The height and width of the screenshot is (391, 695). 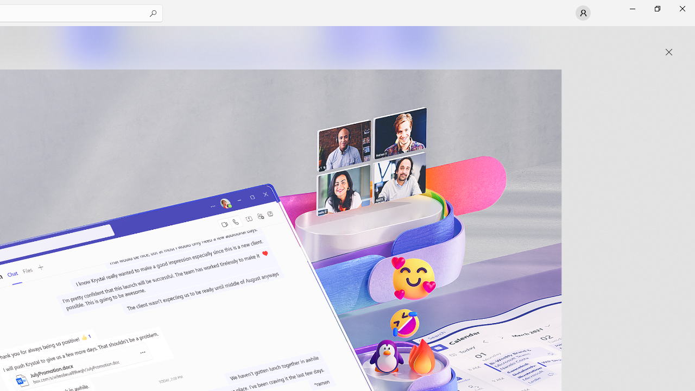 What do you see at coordinates (681, 8) in the screenshot?
I see `'Close Microsoft Store'` at bounding box center [681, 8].